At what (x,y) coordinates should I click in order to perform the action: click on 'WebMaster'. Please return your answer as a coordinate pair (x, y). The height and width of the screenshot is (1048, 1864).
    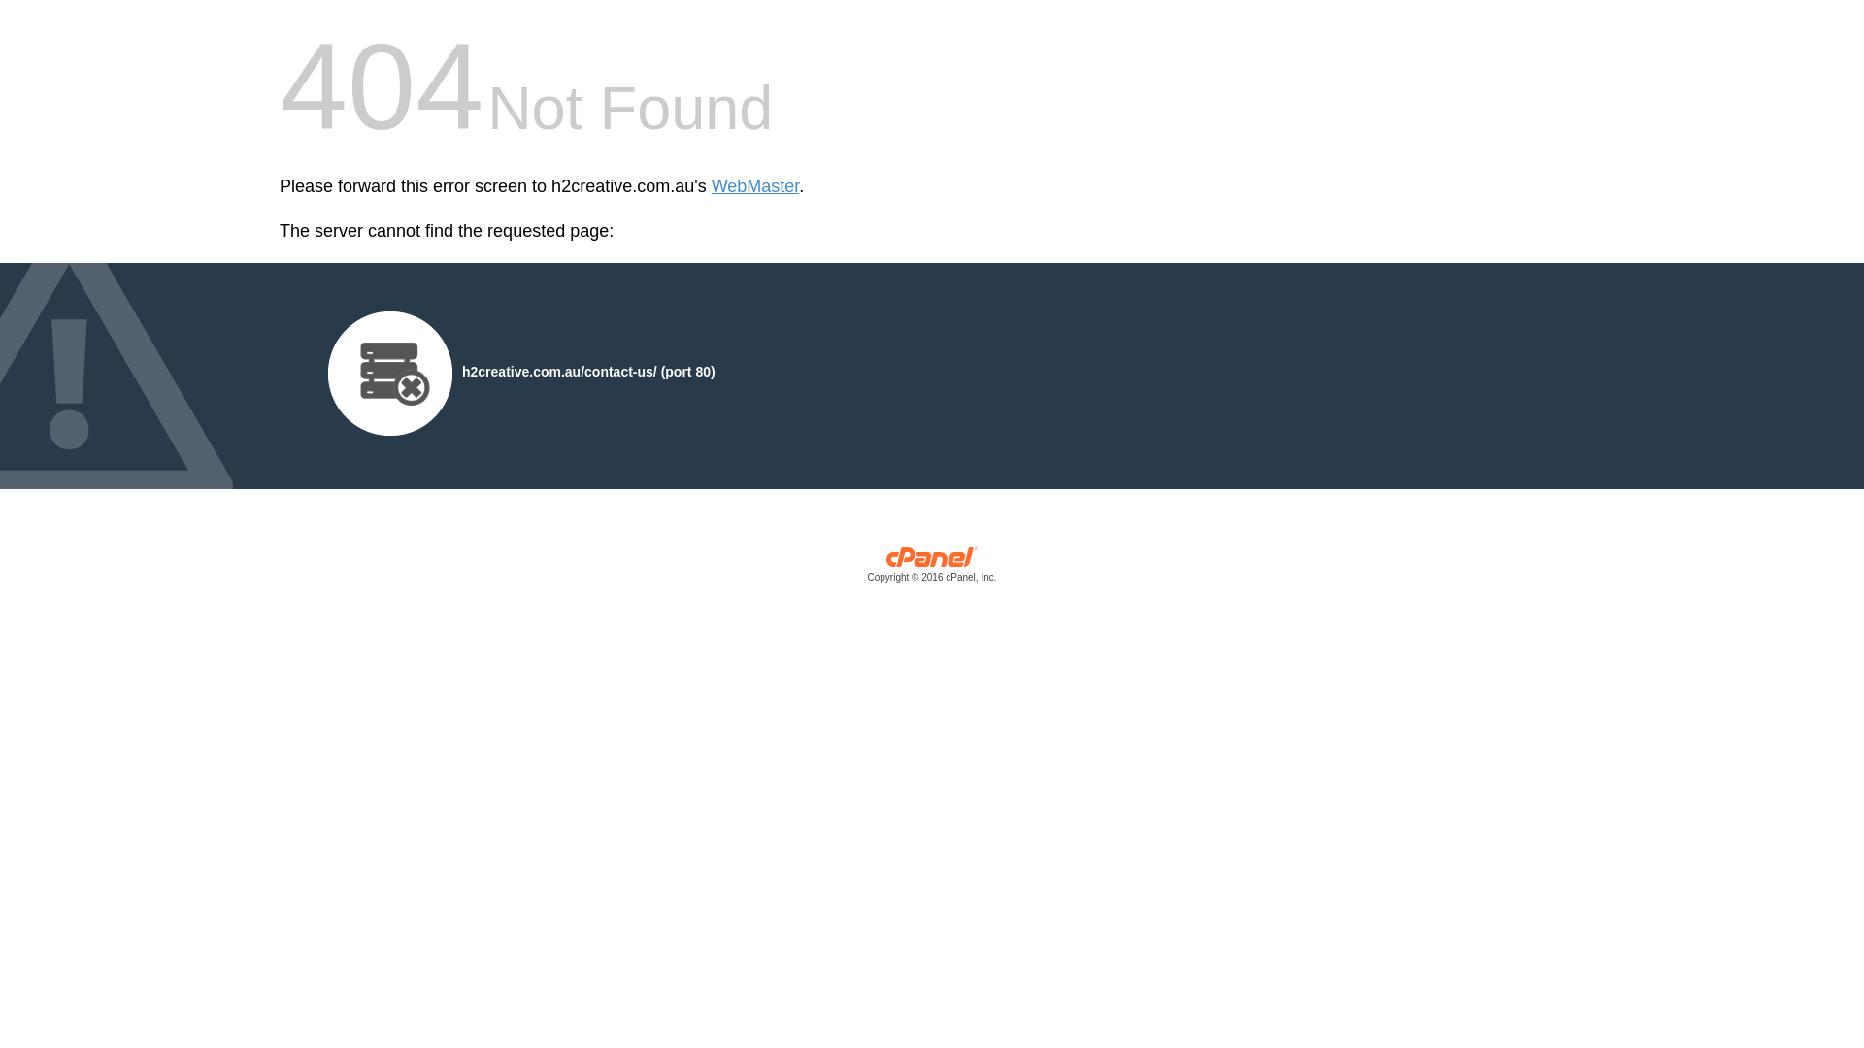
    Looking at the image, I should click on (754, 186).